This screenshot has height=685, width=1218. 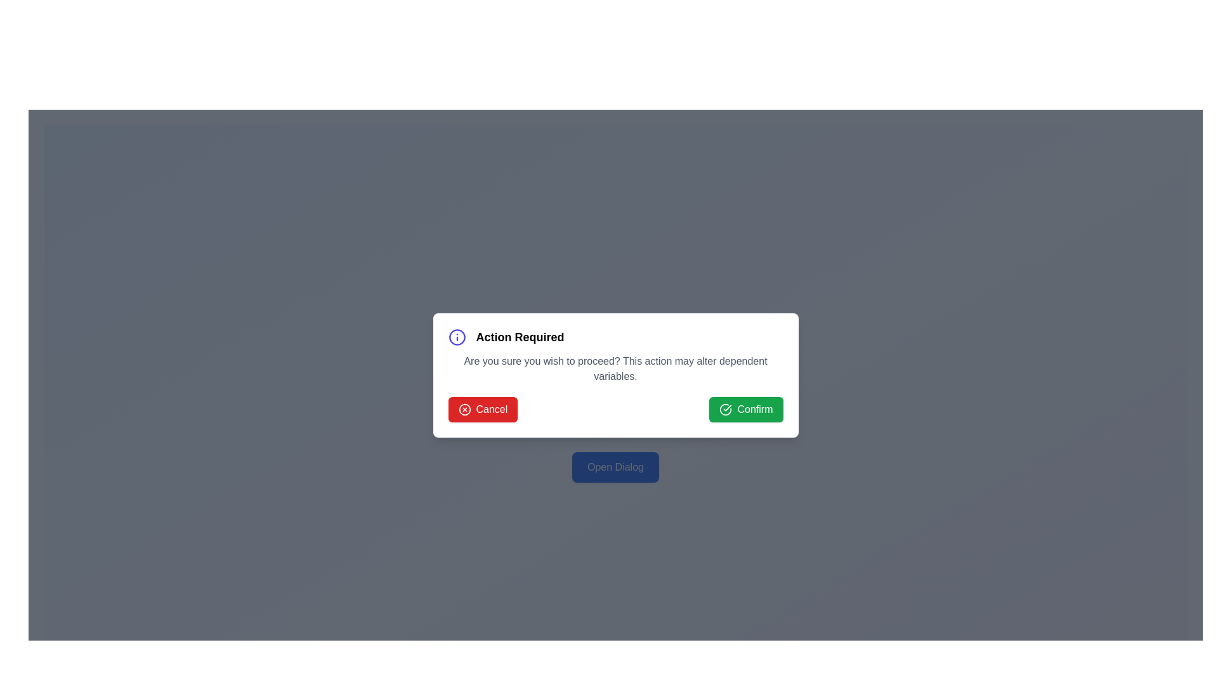 I want to click on the confirm button located in the lower right corner of the dialog box to observe the hover effects, so click(x=746, y=409).